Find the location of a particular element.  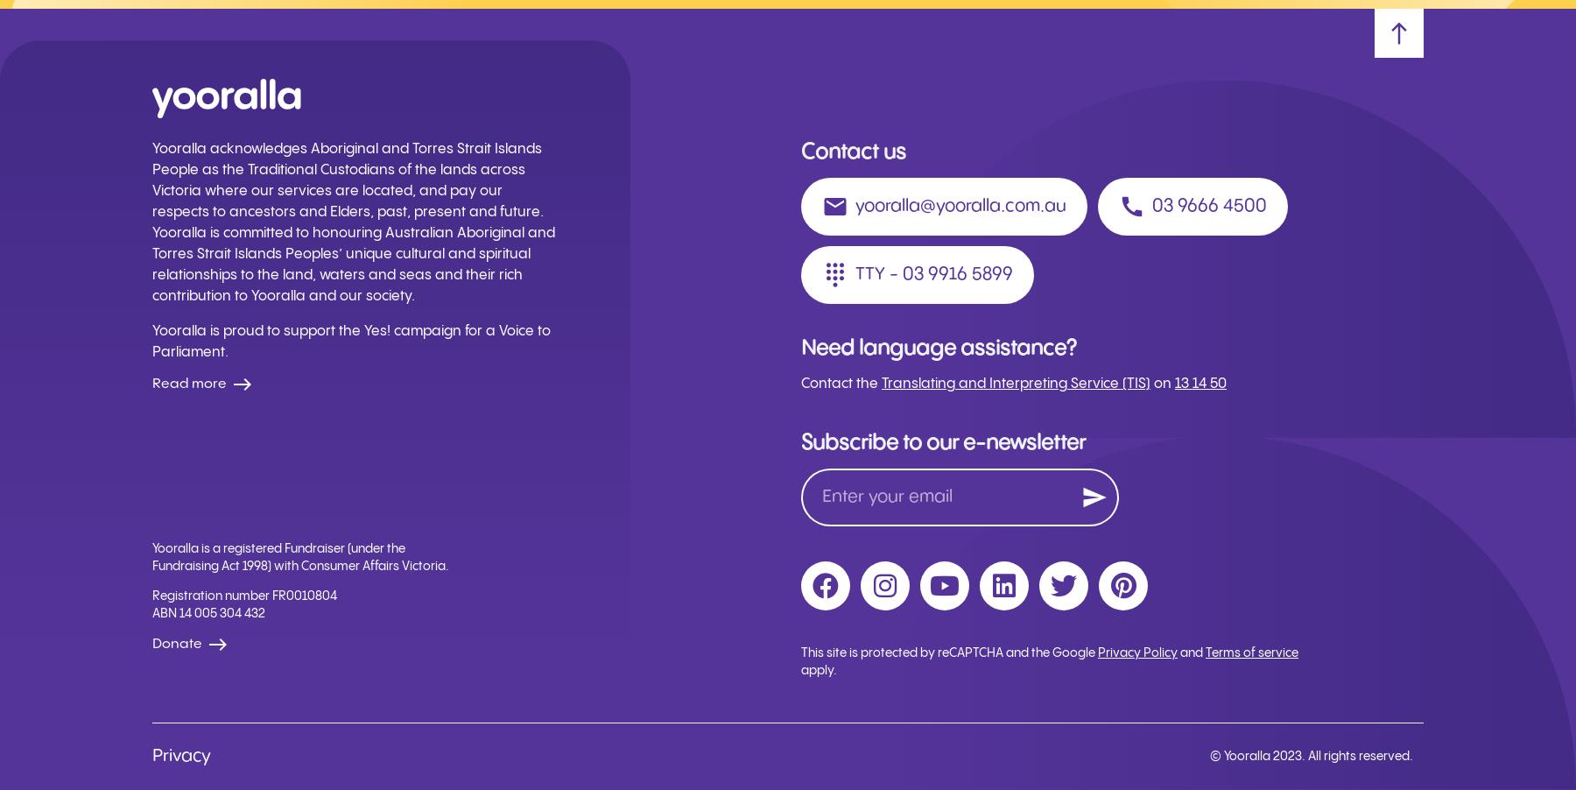

'Translating and Interpreting Service (TIS)' is located at coordinates (1015, 384).